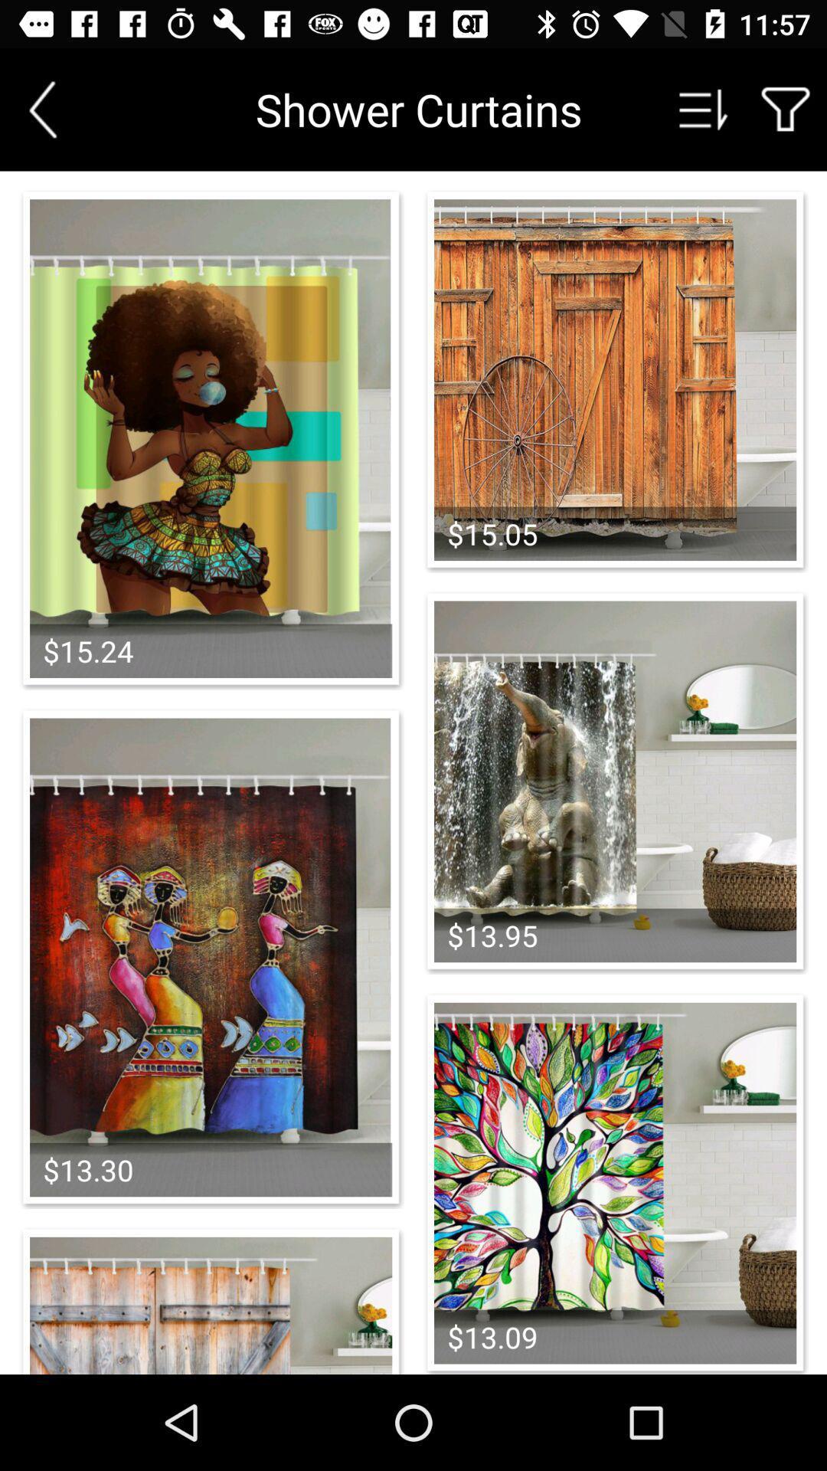 Image resolution: width=827 pixels, height=1471 pixels. Describe the element at coordinates (704, 109) in the screenshot. I see `the filter_list icon` at that location.